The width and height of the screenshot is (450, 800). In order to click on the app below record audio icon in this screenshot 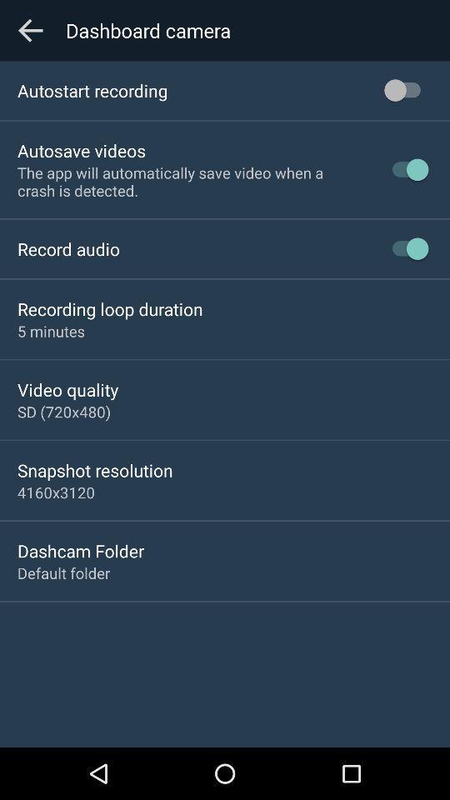, I will do `click(110, 307)`.